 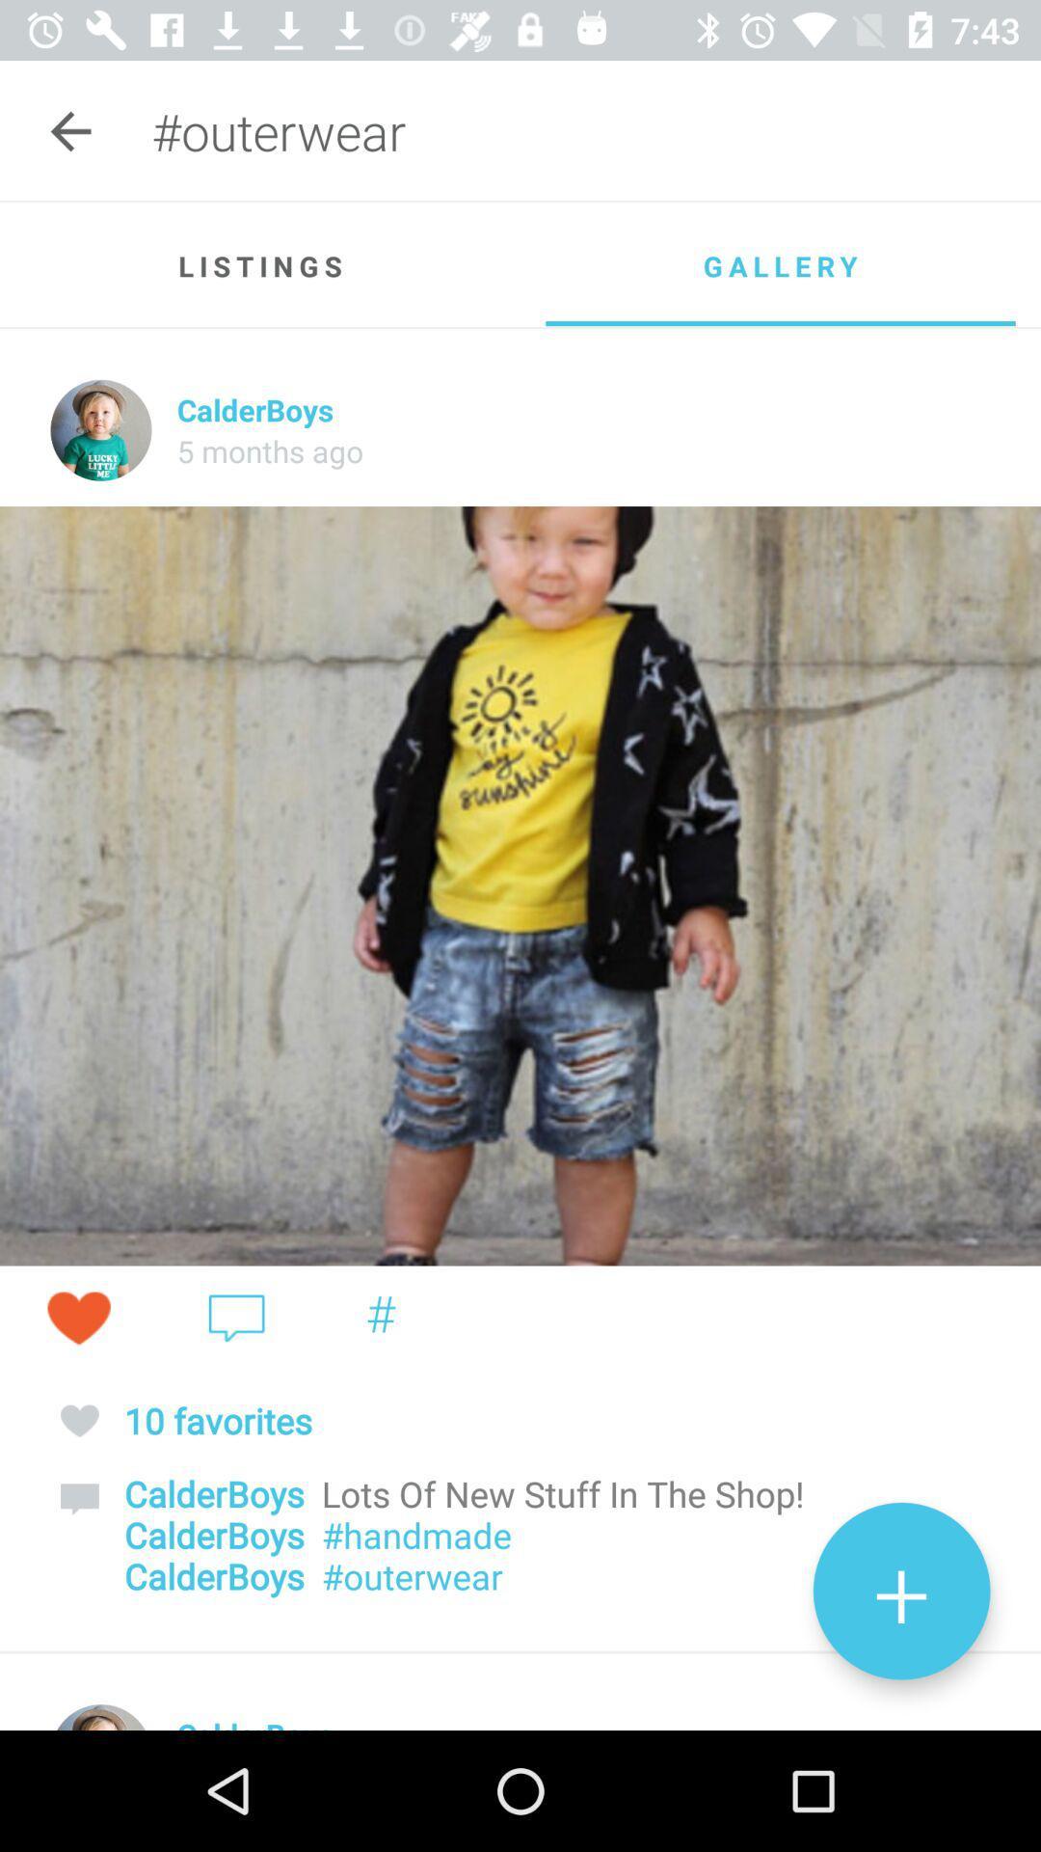 What do you see at coordinates (235, 1317) in the screenshot?
I see `leave a comment` at bounding box center [235, 1317].